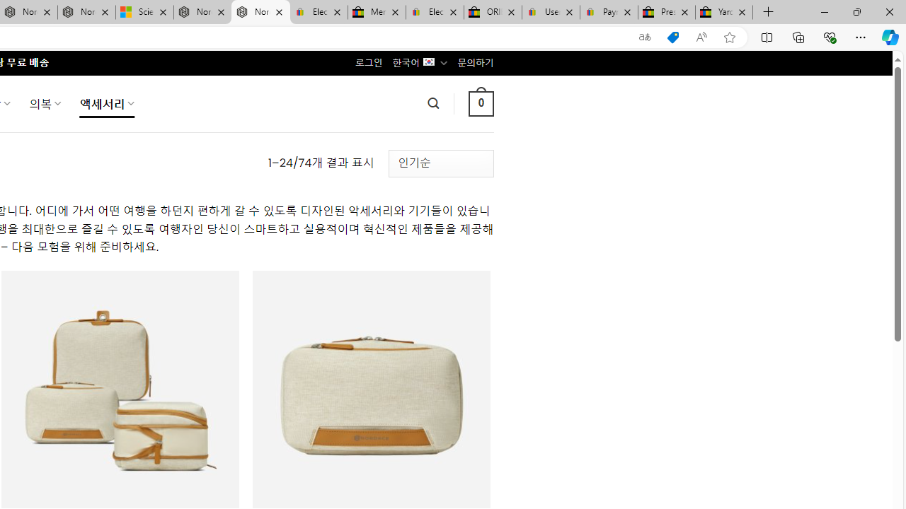  What do you see at coordinates (724, 12) in the screenshot?
I see `'Yard, Garden & Outdoor Living'` at bounding box center [724, 12].